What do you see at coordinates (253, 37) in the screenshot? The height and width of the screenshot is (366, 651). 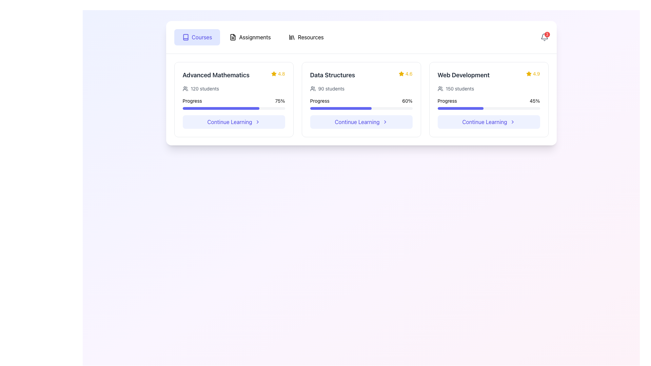 I see `the 'Assignments' tab in the navigation menu, which is a horizontal row of tabs located below the header and highlighted in blue when selected` at bounding box center [253, 37].